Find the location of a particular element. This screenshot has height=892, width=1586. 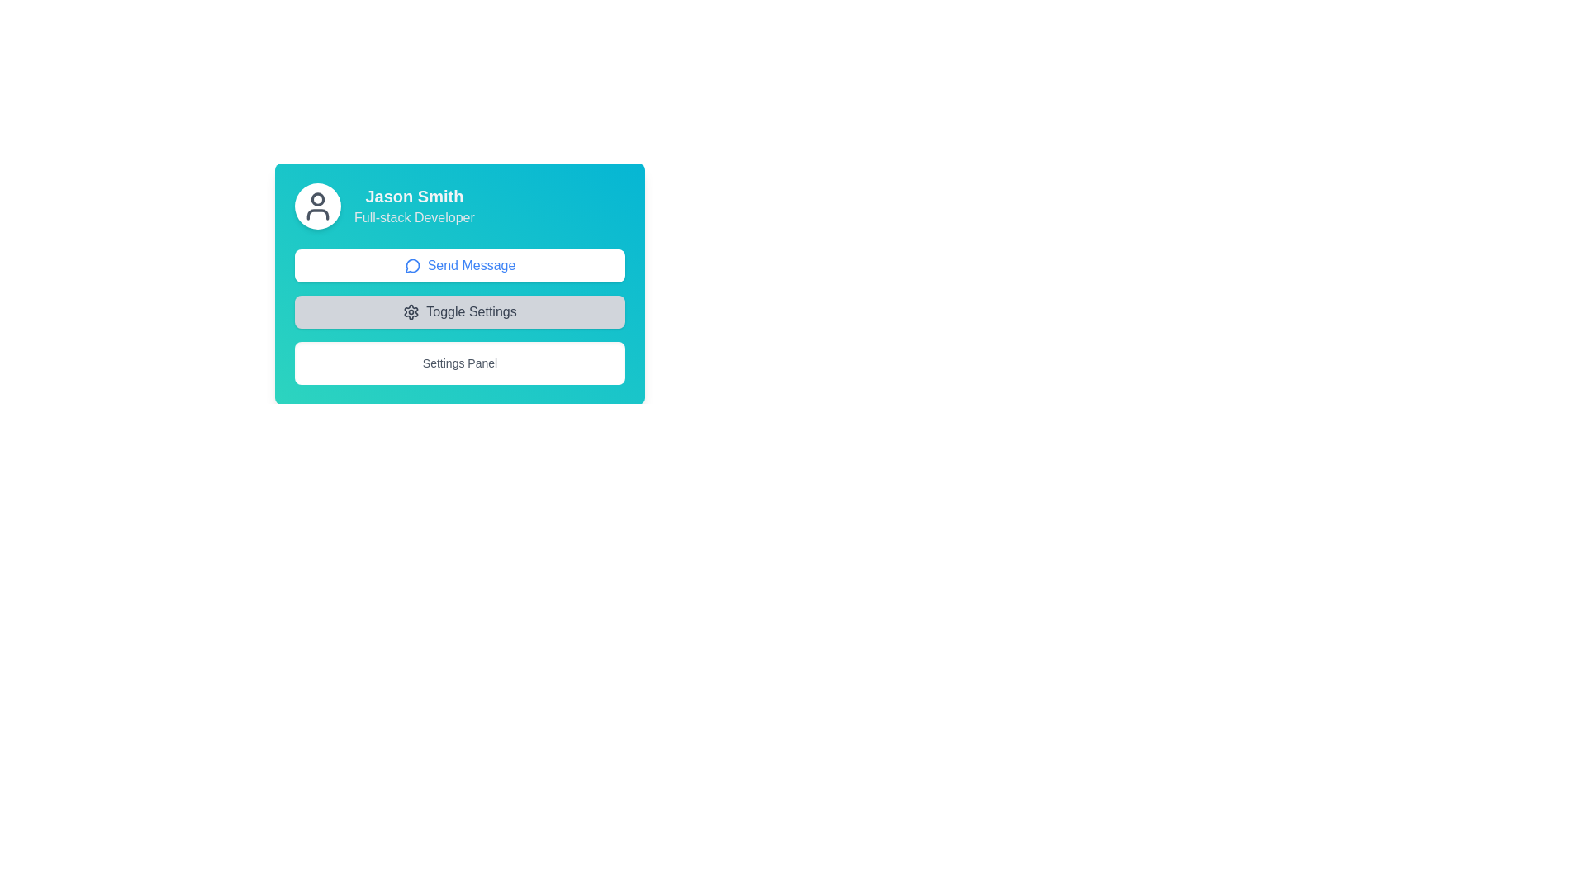

the text label displaying 'Jason Smith' in bold, extra-large font on an aquamarine background, located at the top-left corner of the profile card interface is located at coordinates (414, 196).